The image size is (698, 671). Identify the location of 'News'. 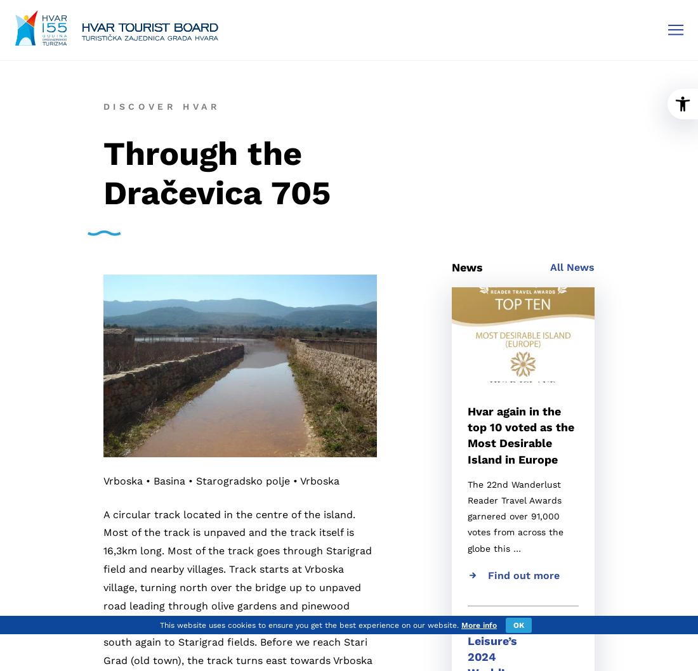
(451, 267).